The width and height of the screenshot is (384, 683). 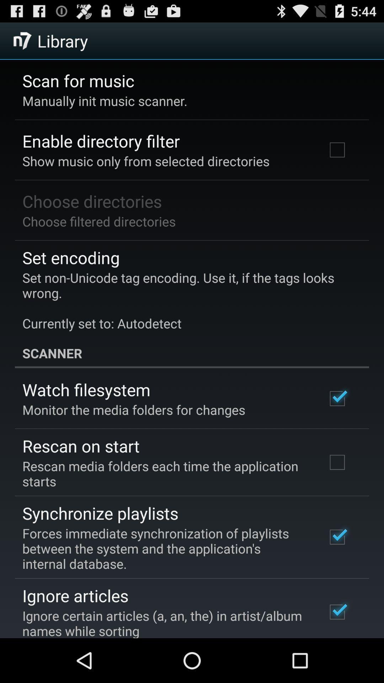 What do you see at coordinates (80, 445) in the screenshot?
I see `the item above rescan media folders item` at bounding box center [80, 445].